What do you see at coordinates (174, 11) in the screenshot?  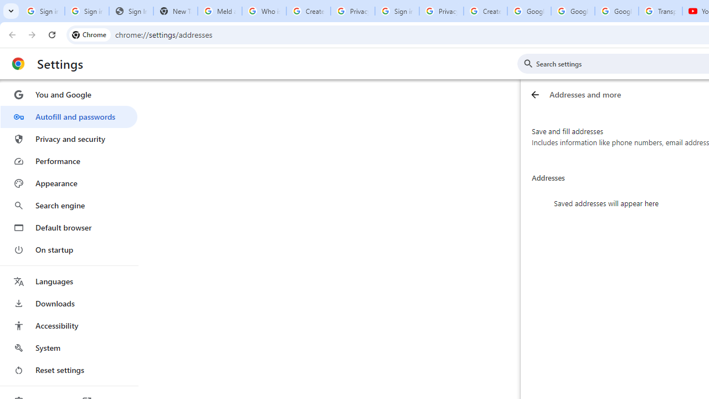 I see `'New Tab'` at bounding box center [174, 11].